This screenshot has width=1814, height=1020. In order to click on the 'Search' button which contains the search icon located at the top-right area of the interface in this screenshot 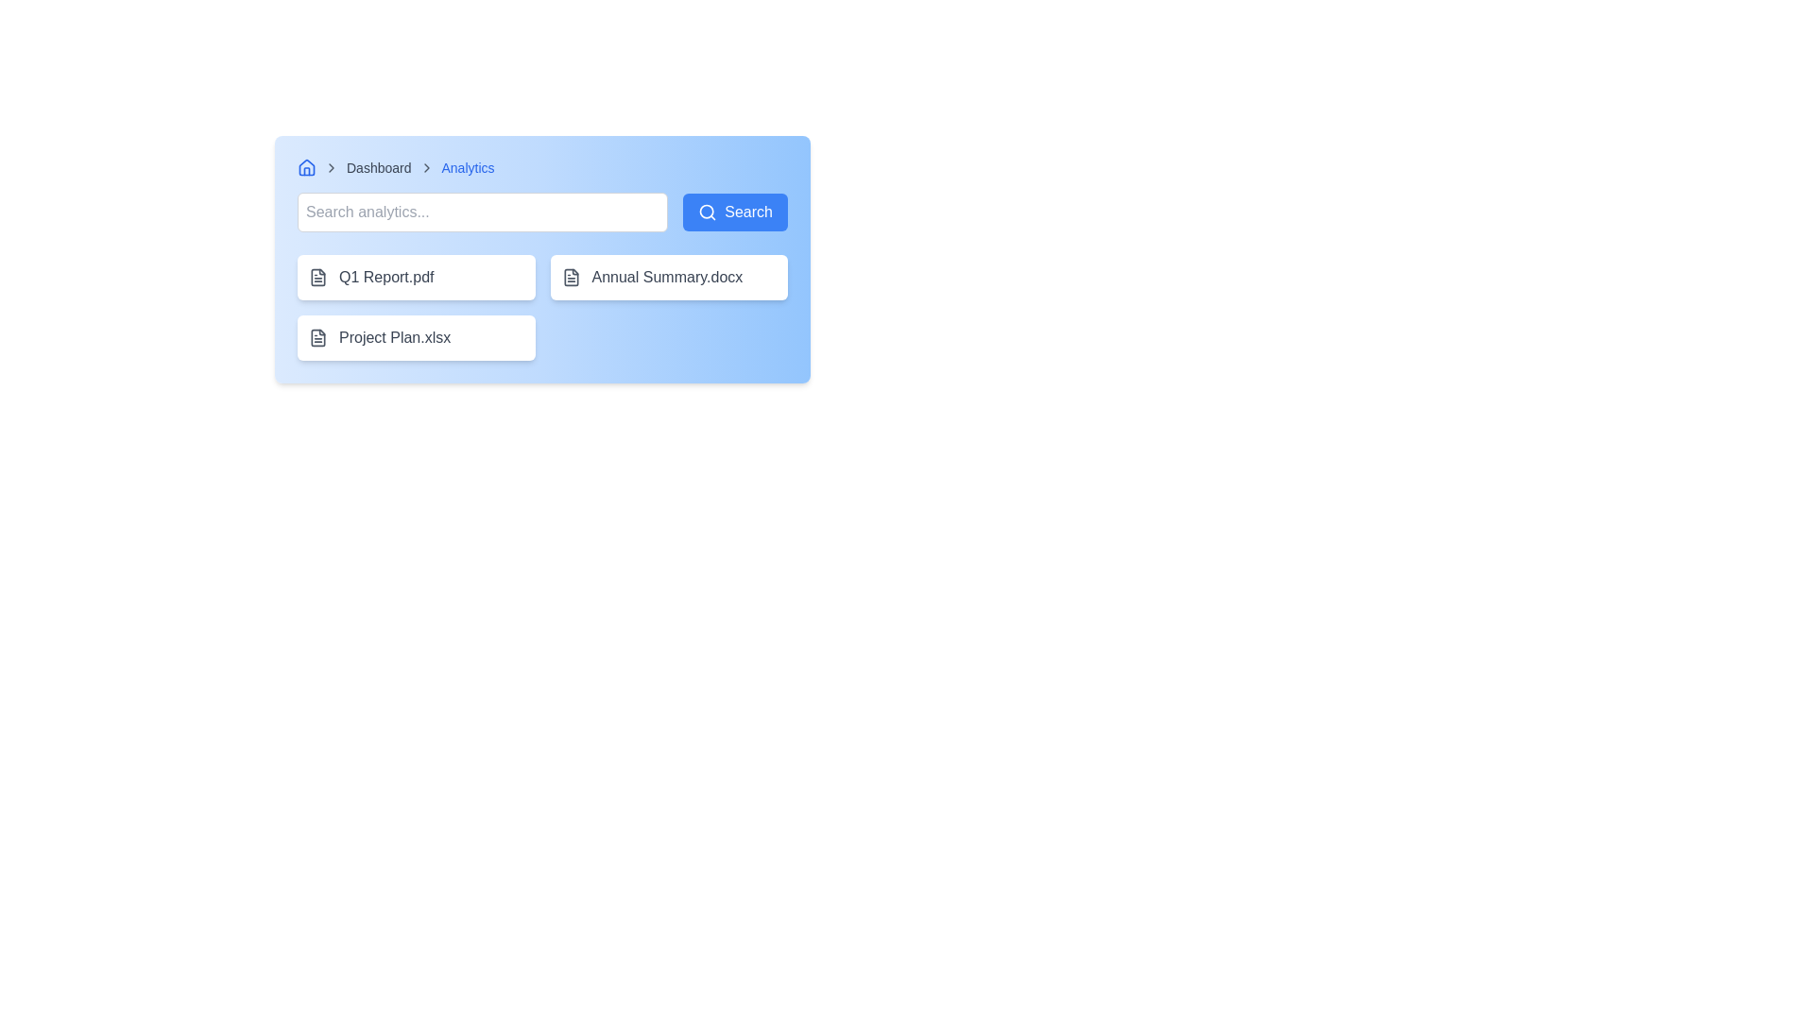, I will do `click(707, 212)`.